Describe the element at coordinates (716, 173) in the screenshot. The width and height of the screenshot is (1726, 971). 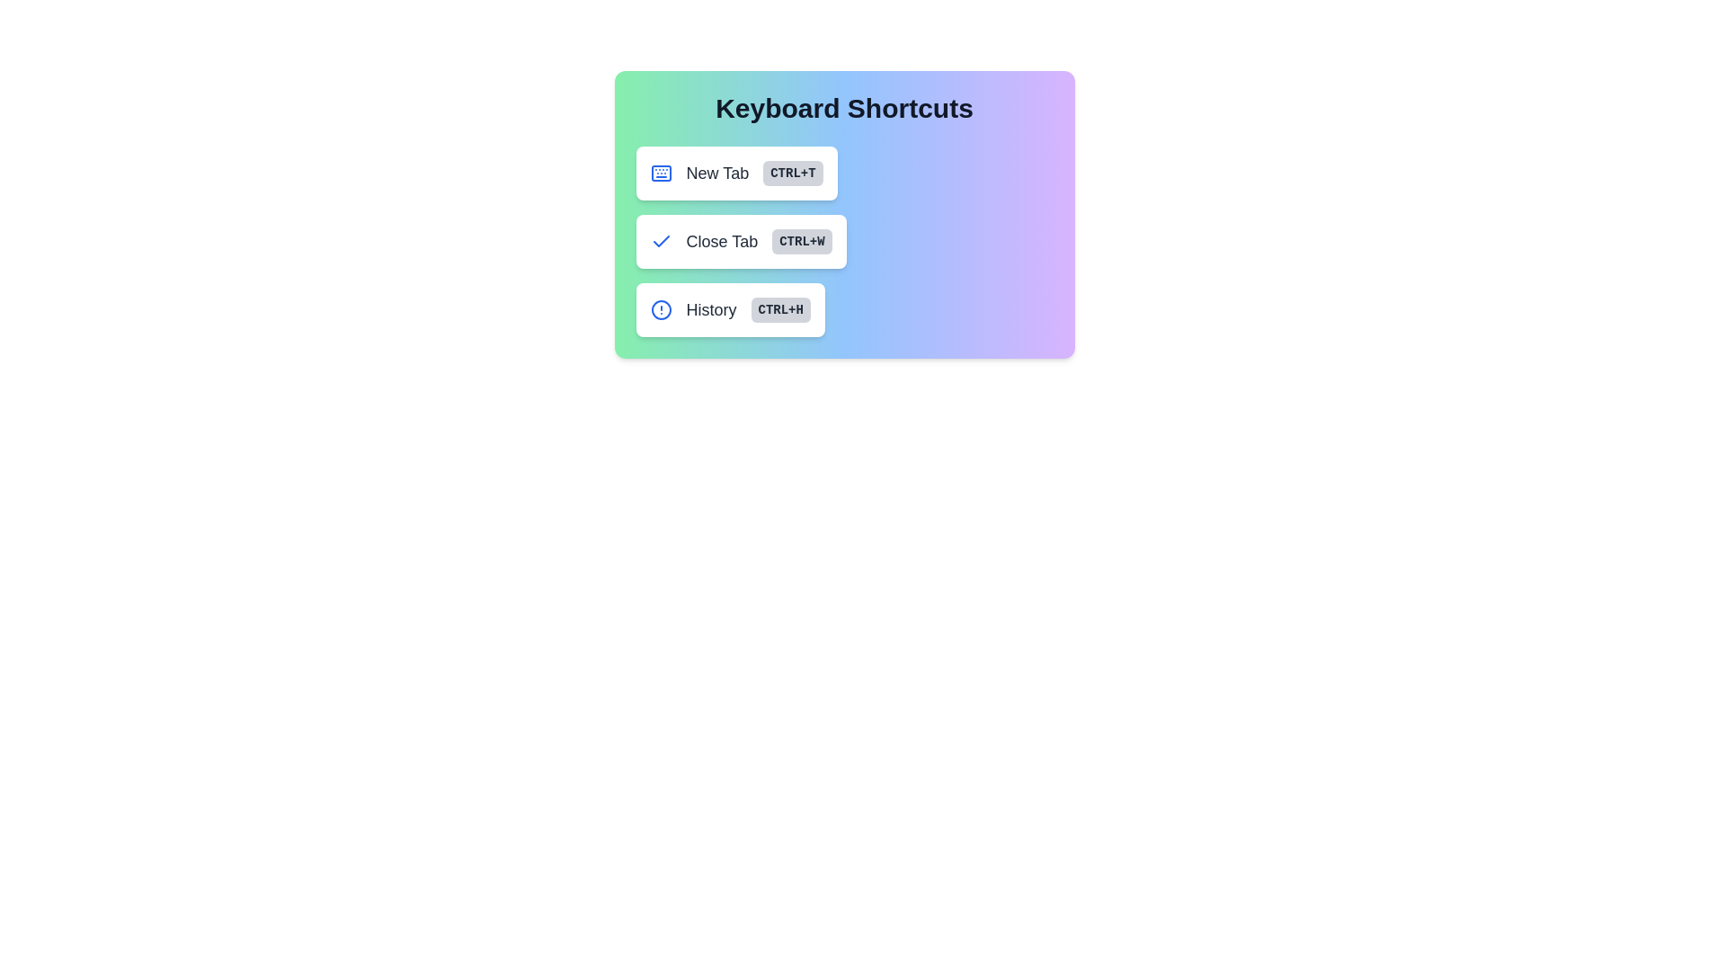
I see `the 'New Tab' text label, which is bold and slightly larger, positioned to the left of the 'Ctrl+T' button within a rounded box group` at that location.